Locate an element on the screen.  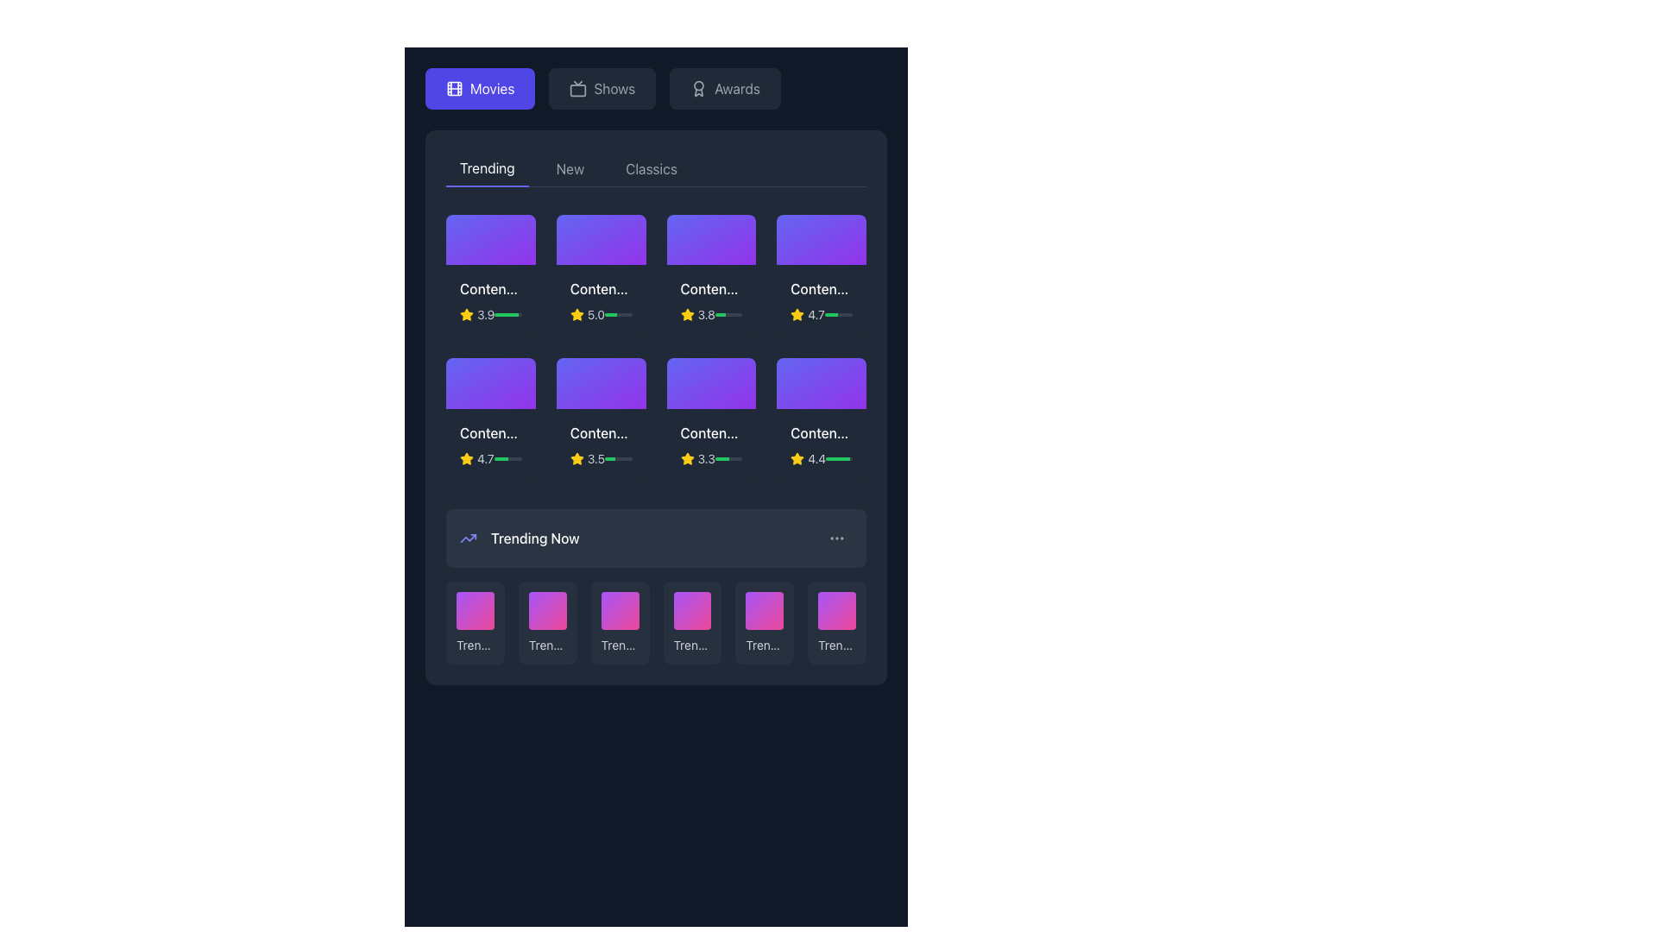
displayed text of the Text label indicating the rank in the trending list, located under the sixth card in the 'Trending Now' section is located at coordinates (836, 645).